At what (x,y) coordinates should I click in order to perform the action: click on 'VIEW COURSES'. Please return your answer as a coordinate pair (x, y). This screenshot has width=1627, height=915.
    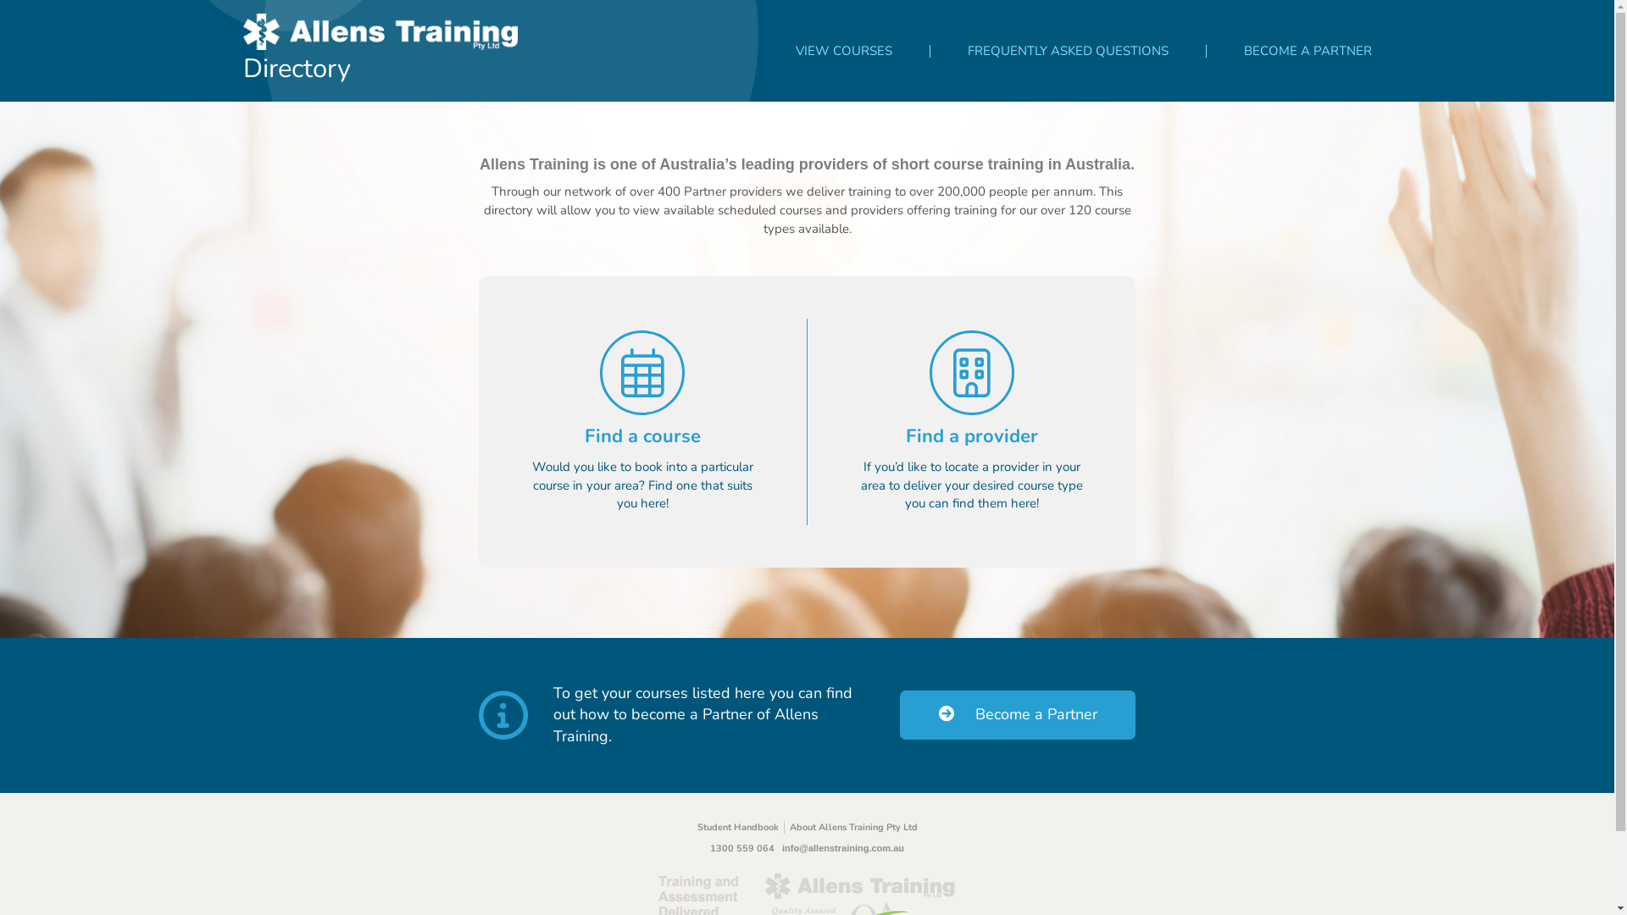
    Looking at the image, I should click on (842, 50).